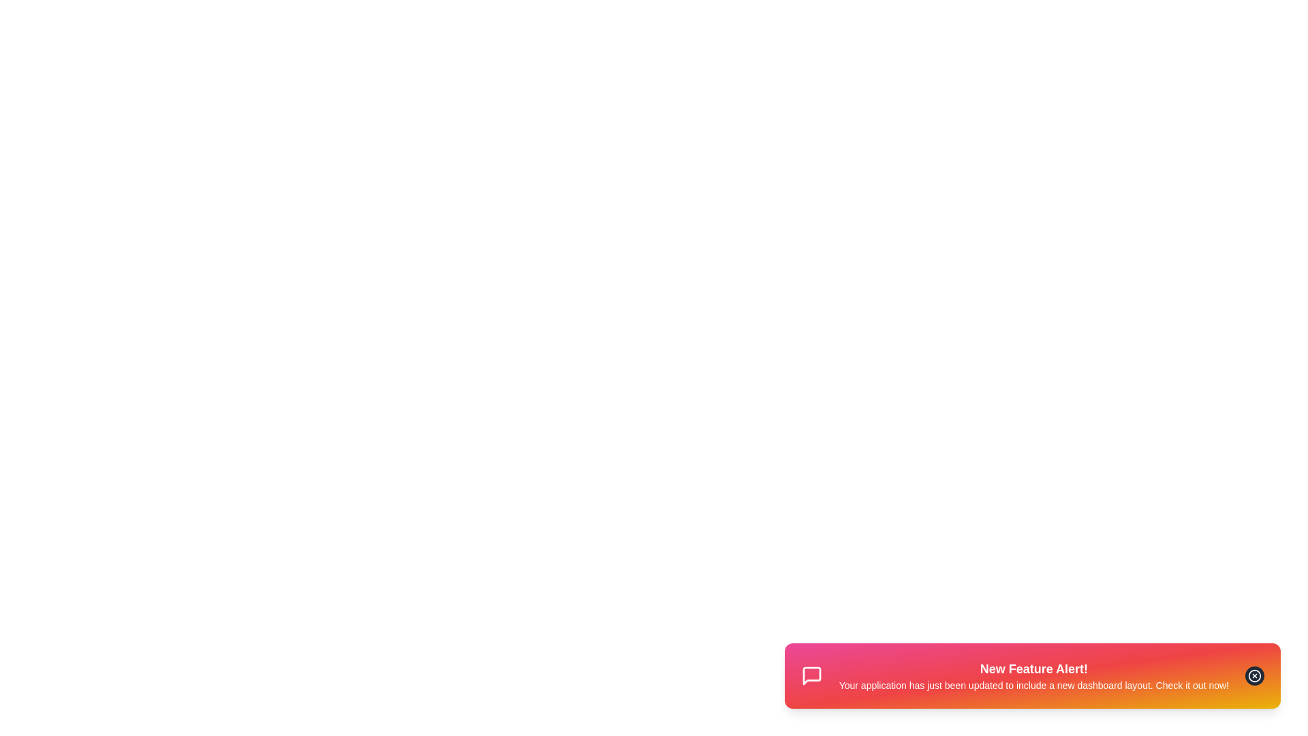 The width and height of the screenshot is (1308, 736). What do you see at coordinates (1033, 675) in the screenshot?
I see `the text area to select it` at bounding box center [1033, 675].